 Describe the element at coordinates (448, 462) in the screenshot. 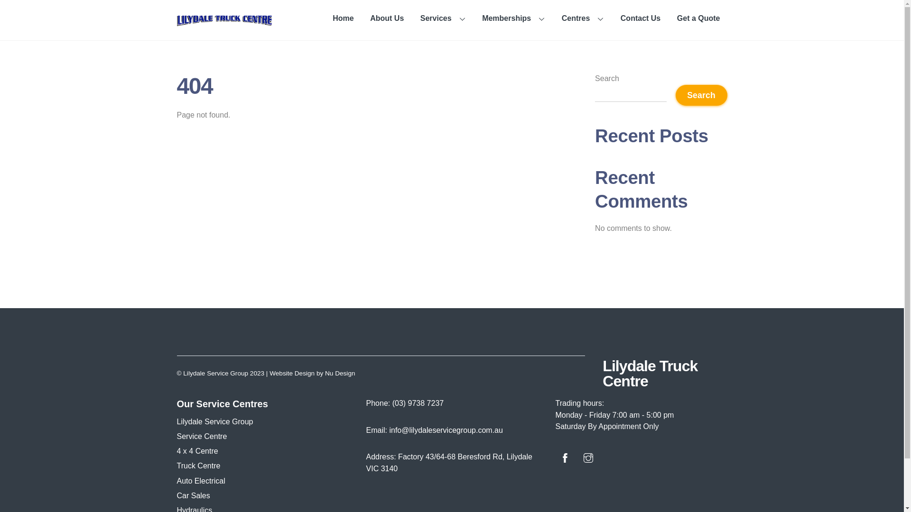

I see `'Factory 43/64-68 Beresford Rd, Lilydale VIC 3140'` at that location.